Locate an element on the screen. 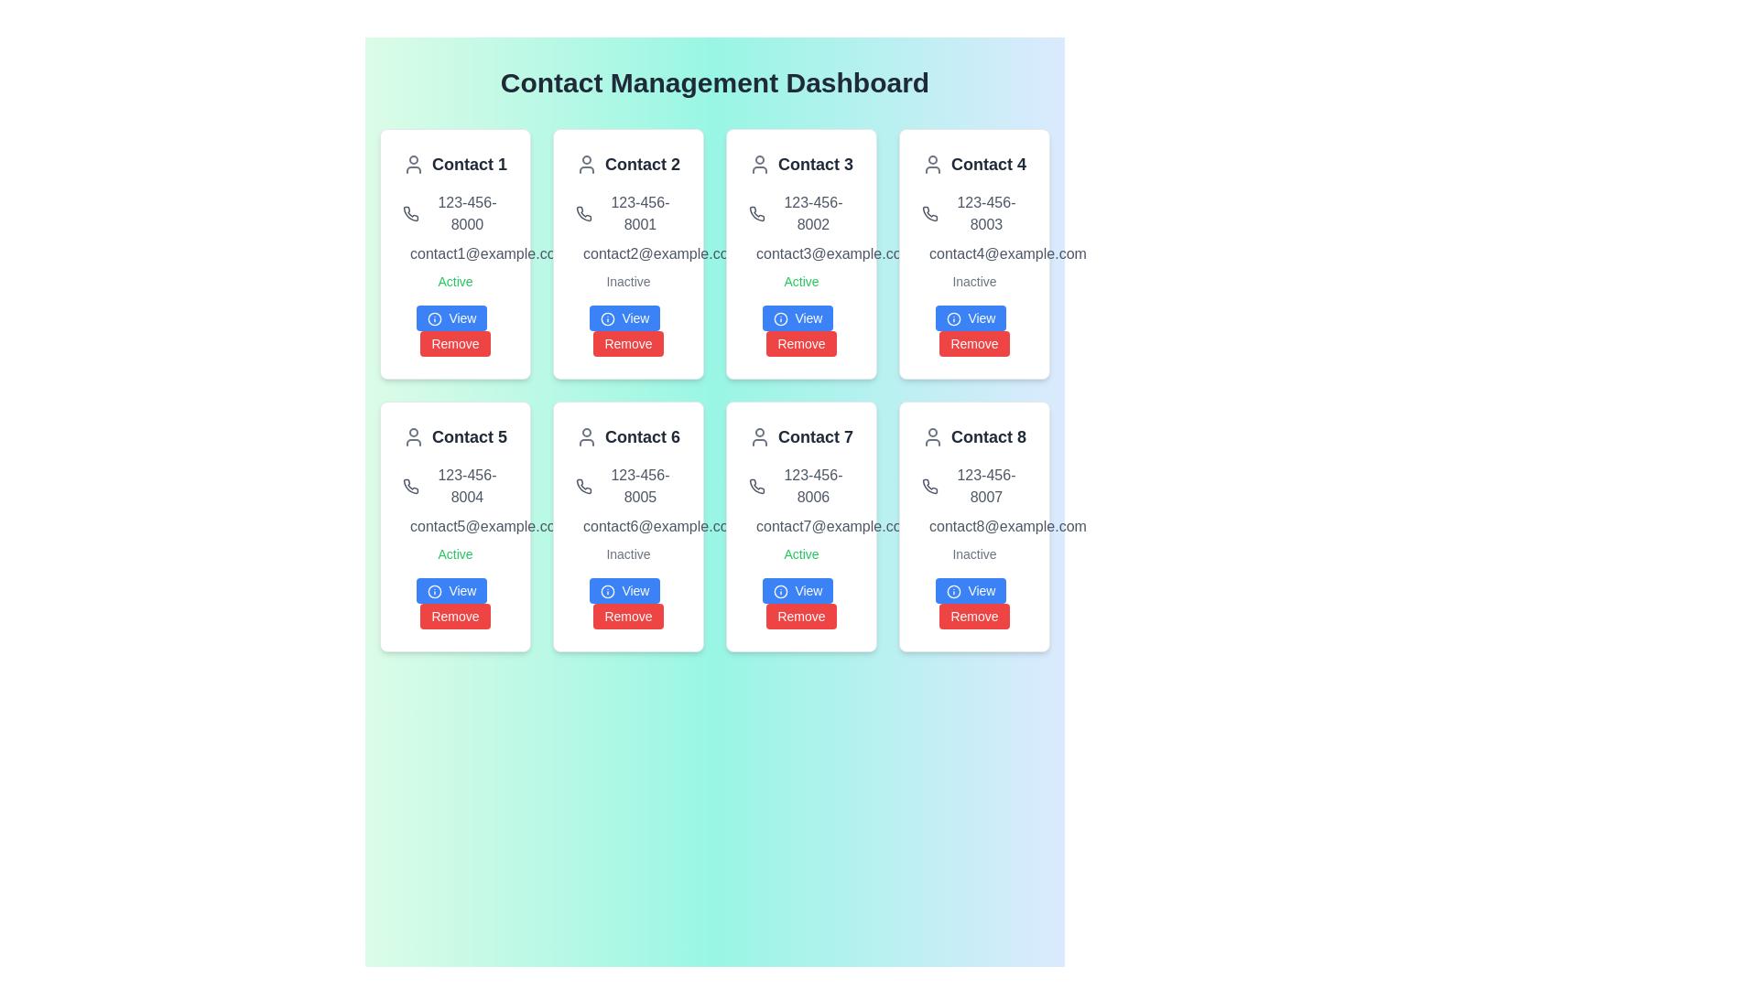 Image resolution: width=1758 pixels, height=988 pixels. the gray user icon, which appears as a circular head with shoulders, located in the top left corner of the 'Contact 8' card in the contact grid layout is located at coordinates (932, 437).